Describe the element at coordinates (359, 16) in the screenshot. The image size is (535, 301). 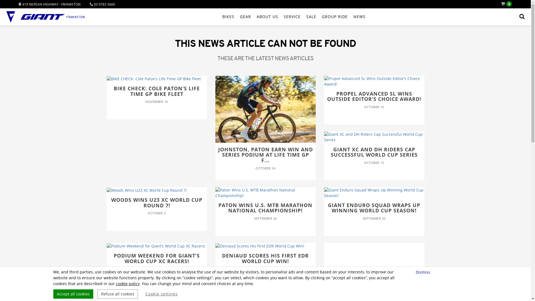
I see `'NEWS'` at that location.